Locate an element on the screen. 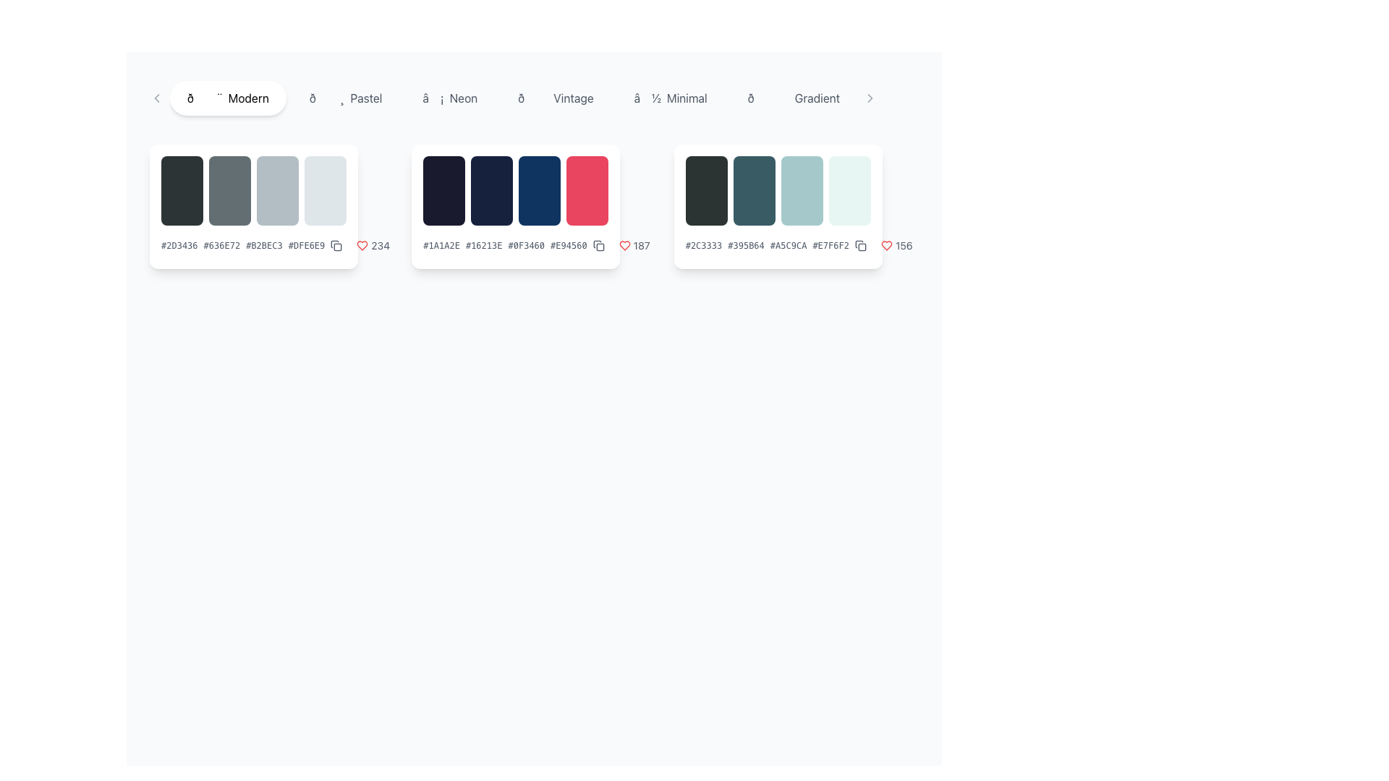  the text content of the Text label displaying '#0F3460', which is the third item in a row of hexadecimal color codes within a color palette card is located at coordinates (525, 244).